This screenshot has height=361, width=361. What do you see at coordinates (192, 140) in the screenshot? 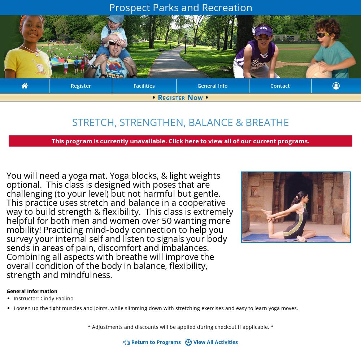
I see `'here'` at bounding box center [192, 140].